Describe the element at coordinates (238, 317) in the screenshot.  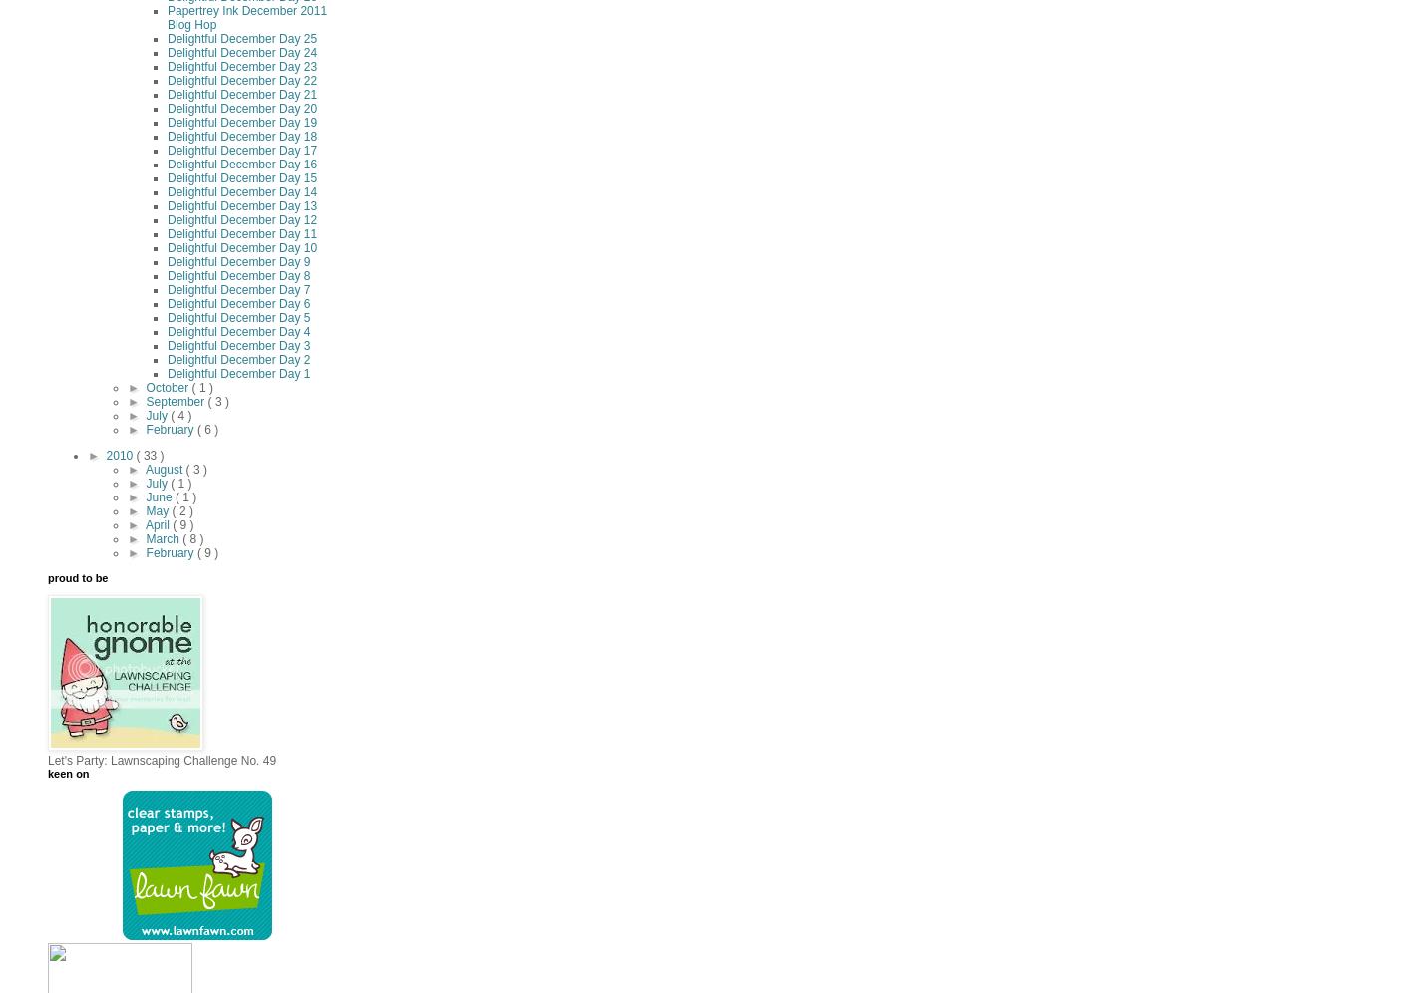
I see `'Delightful December Day 5'` at that location.